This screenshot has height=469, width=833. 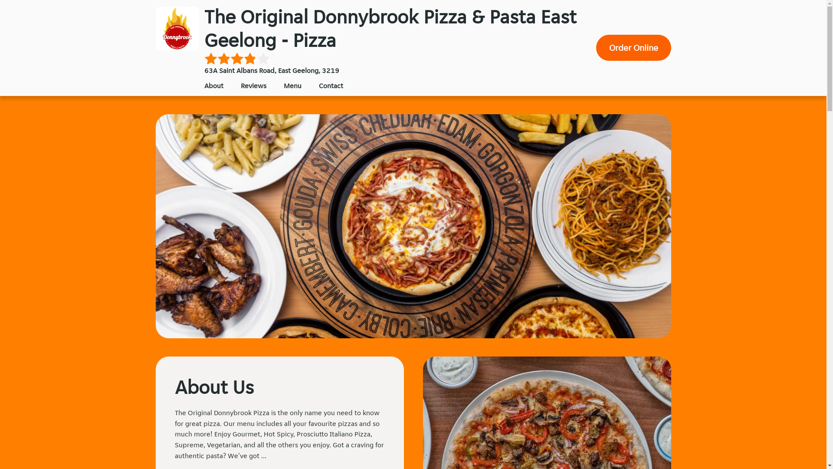 What do you see at coordinates (595, 48) in the screenshot?
I see `'Order Online'` at bounding box center [595, 48].